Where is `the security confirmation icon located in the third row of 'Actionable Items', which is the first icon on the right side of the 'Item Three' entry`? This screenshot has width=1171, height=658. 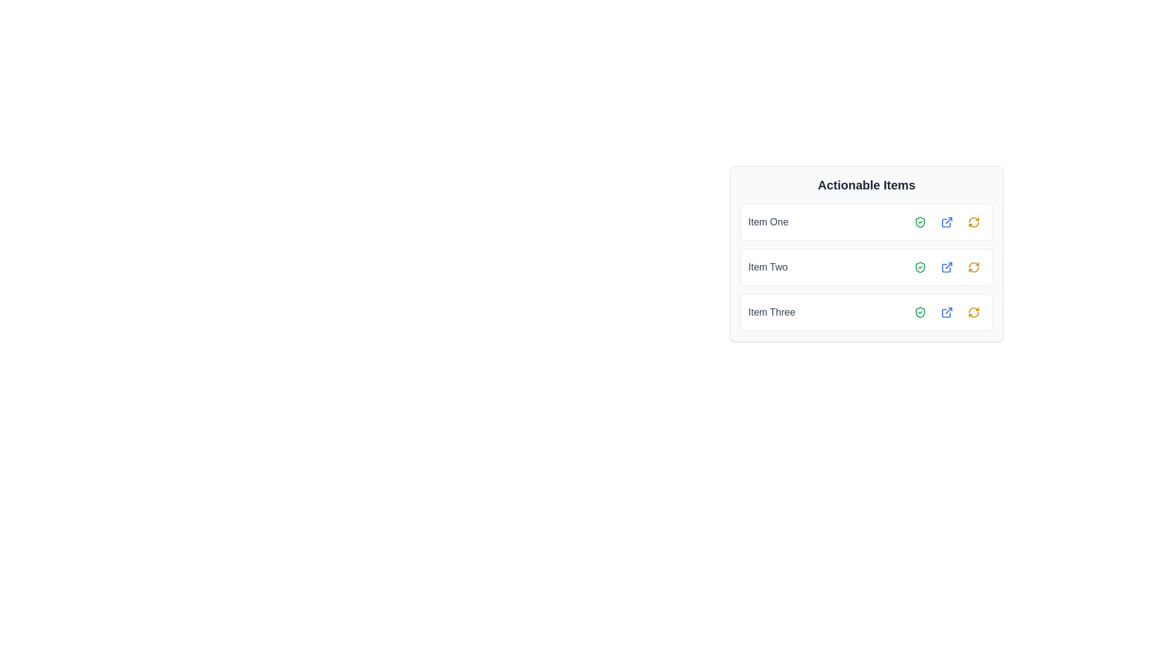 the security confirmation icon located in the third row of 'Actionable Items', which is the first icon on the right side of the 'Item Three' entry is located at coordinates (920, 312).